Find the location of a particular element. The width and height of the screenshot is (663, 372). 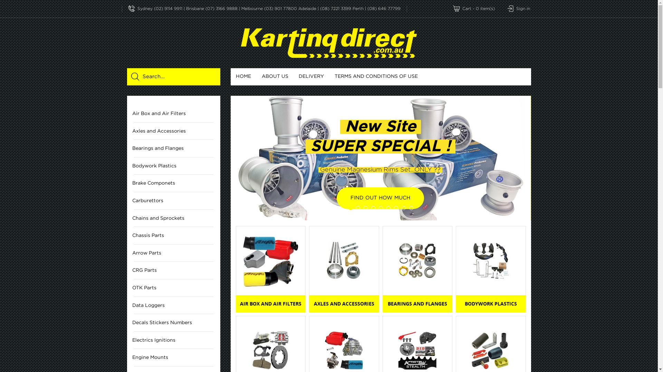

'Chains and Sprockets' is located at coordinates (174, 218).